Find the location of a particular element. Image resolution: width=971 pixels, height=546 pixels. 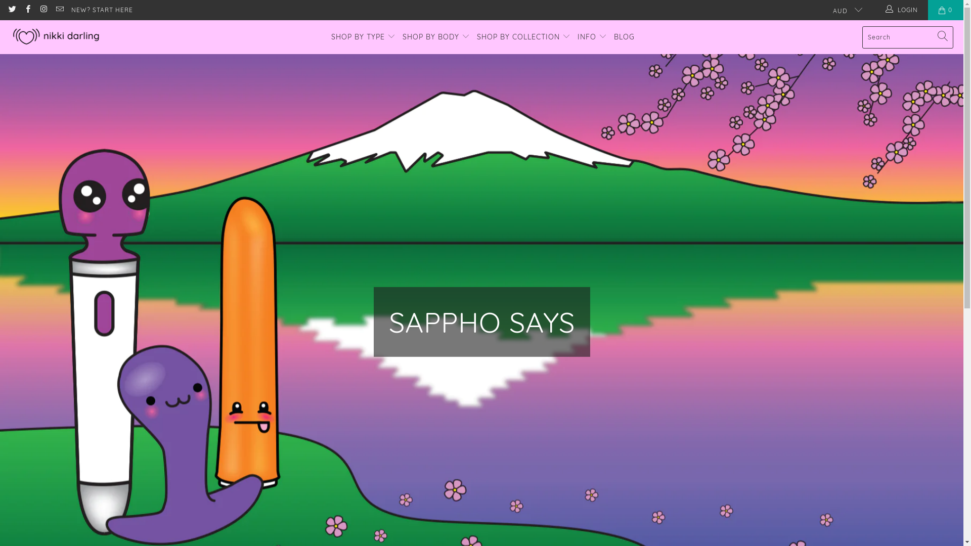

'SHOP BY BODY' is located at coordinates (436, 36).